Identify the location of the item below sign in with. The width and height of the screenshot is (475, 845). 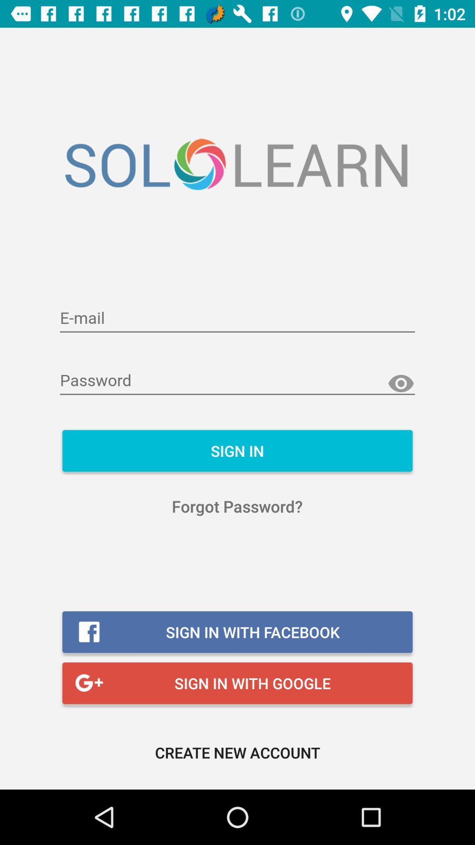
(237, 752).